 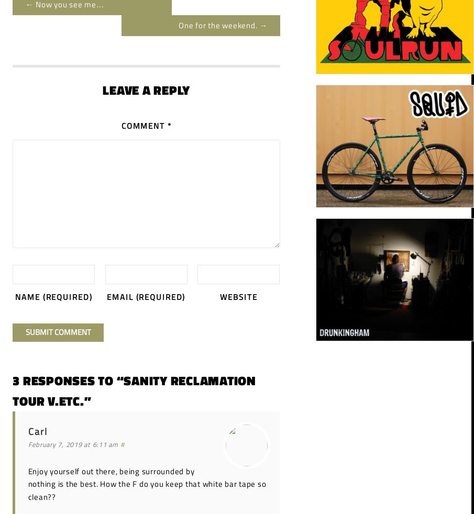 What do you see at coordinates (122, 444) in the screenshot?
I see `'#'` at bounding box center [122, 444].